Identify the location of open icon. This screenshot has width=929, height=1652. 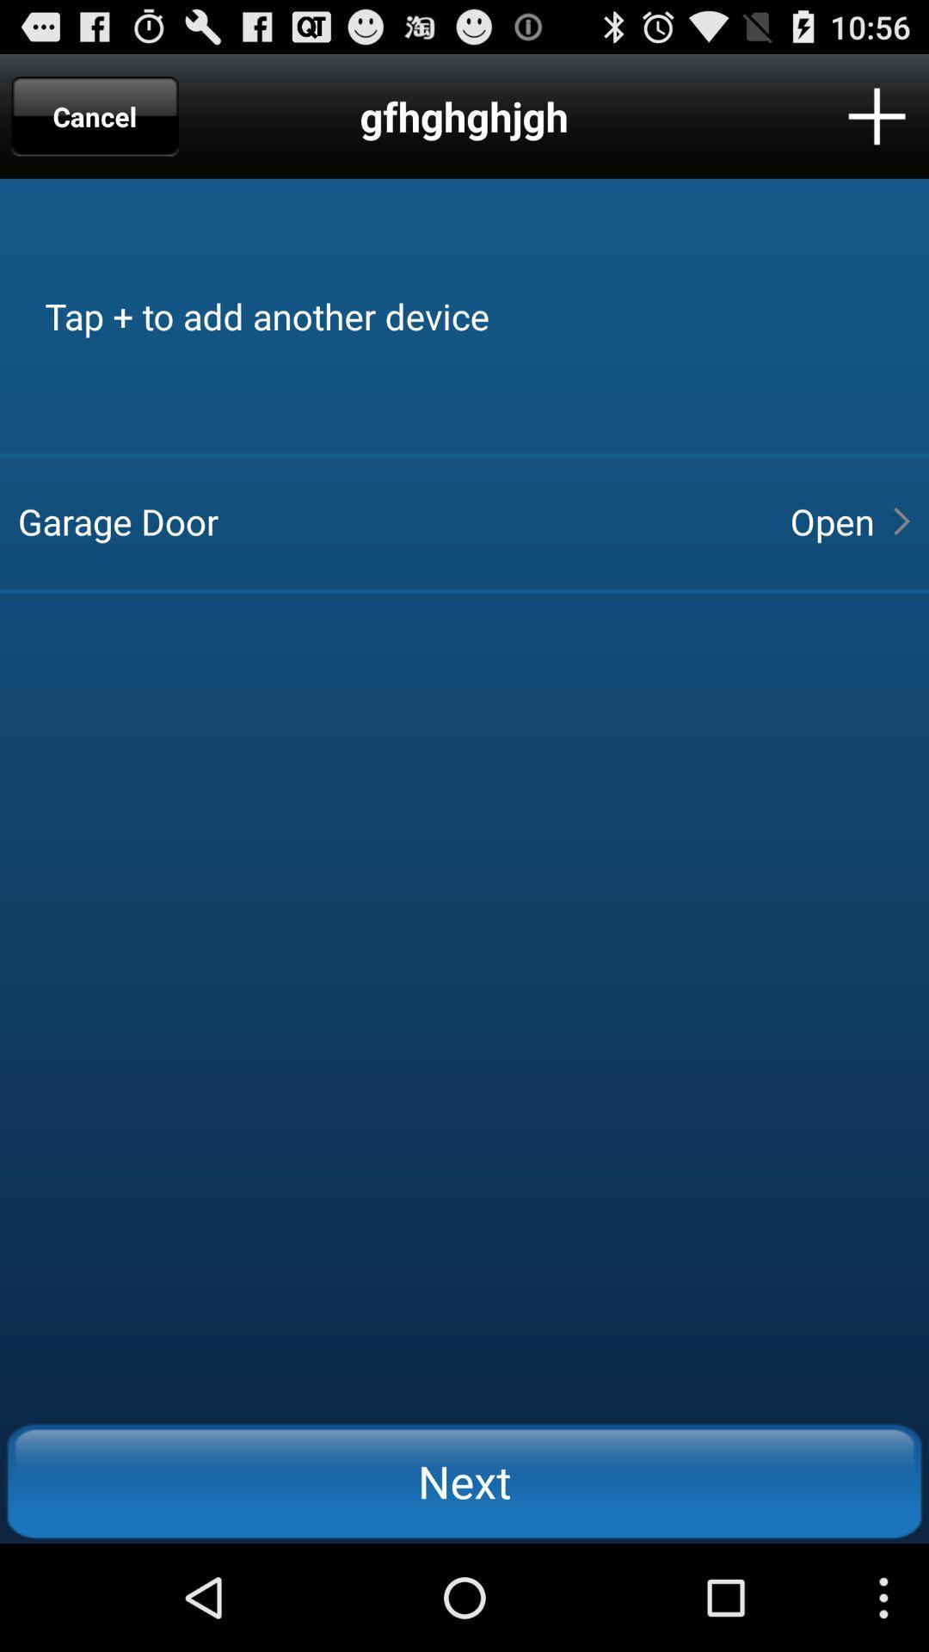
(831, 520).